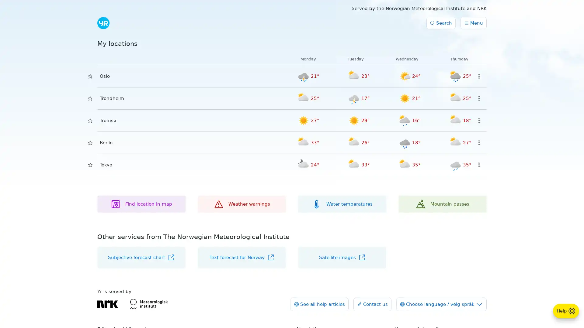 The height and width of the screenshot is (328, 584). What do you see at coordinates (478, 143) in the screenshot?
I see `Options for location` at bounding box center [478, 143].